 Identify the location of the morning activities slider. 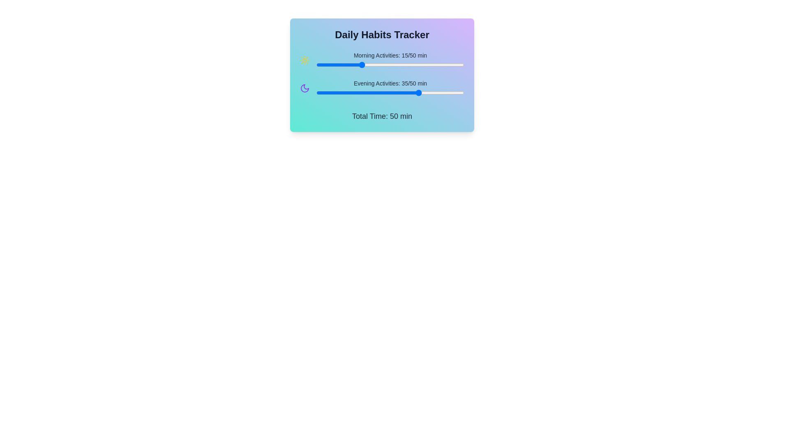
(325, 65).